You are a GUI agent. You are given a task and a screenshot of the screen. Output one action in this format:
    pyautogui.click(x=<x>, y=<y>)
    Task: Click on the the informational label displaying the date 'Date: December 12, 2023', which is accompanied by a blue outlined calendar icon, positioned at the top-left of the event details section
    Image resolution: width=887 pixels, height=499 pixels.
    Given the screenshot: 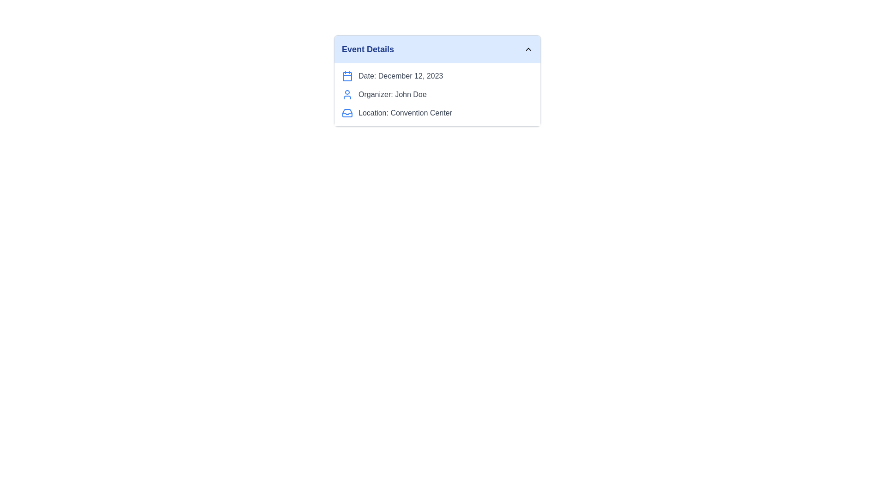 What is the action you would take?
    pyautogui.click(x=437, y=76)
    